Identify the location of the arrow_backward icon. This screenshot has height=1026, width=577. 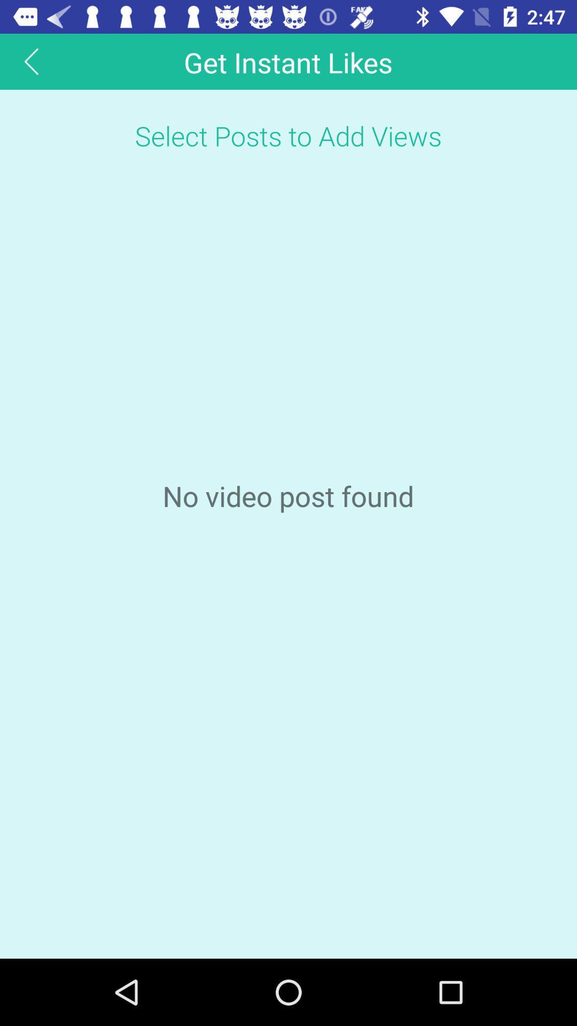
(31, 61).